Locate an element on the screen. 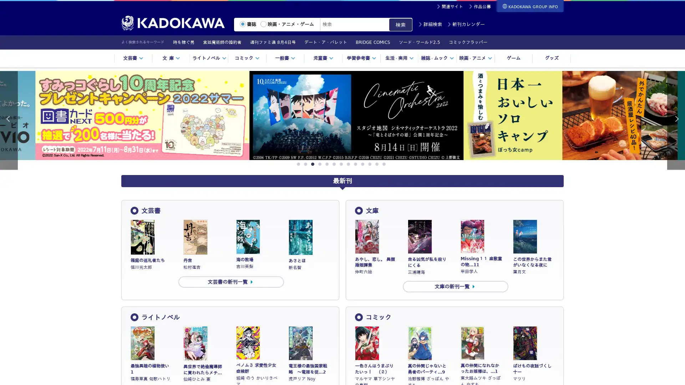  9 is located at coordinates (356, 164).